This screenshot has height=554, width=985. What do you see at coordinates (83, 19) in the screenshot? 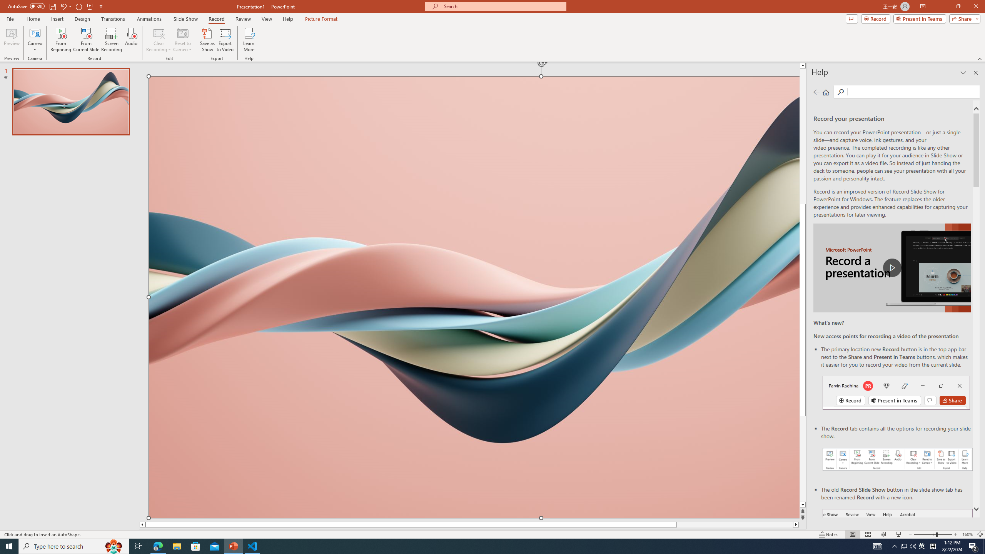
I see `'Design'` at bounding box center [83, 19].